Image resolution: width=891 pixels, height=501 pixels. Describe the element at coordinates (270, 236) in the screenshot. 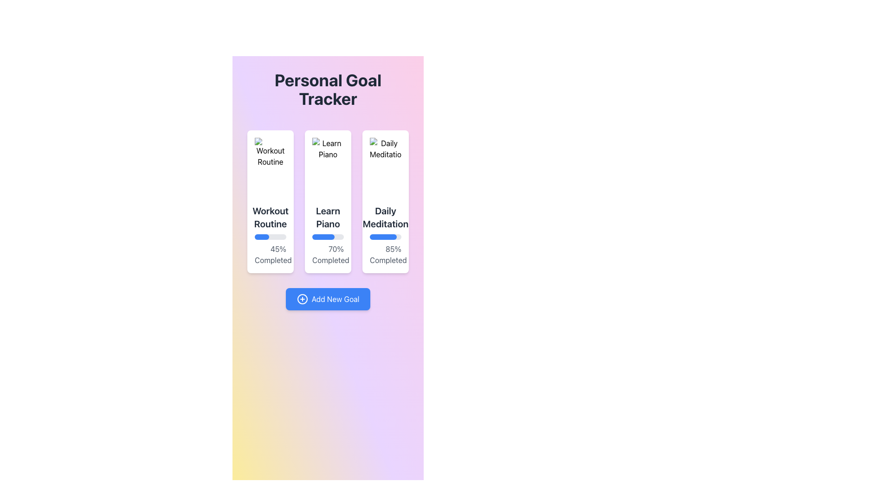

I see `the progress bar indicating '45% Completed' in the first card titled 'Workout Routine'` at that location.